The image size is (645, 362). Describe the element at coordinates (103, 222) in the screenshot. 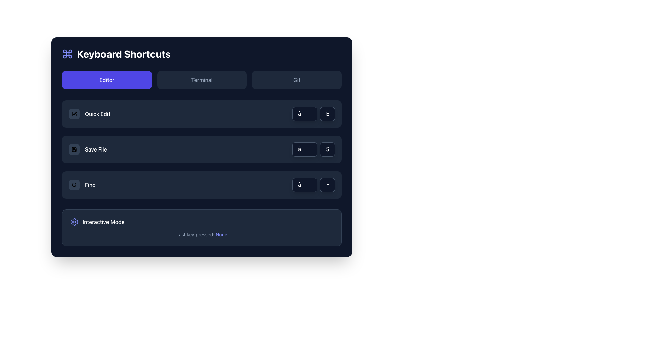

I see `the label indicating 'Interactive Mode' located to the right of the settings icon in the bottom section of the panel displaying keyboard shortcuts` at that location.